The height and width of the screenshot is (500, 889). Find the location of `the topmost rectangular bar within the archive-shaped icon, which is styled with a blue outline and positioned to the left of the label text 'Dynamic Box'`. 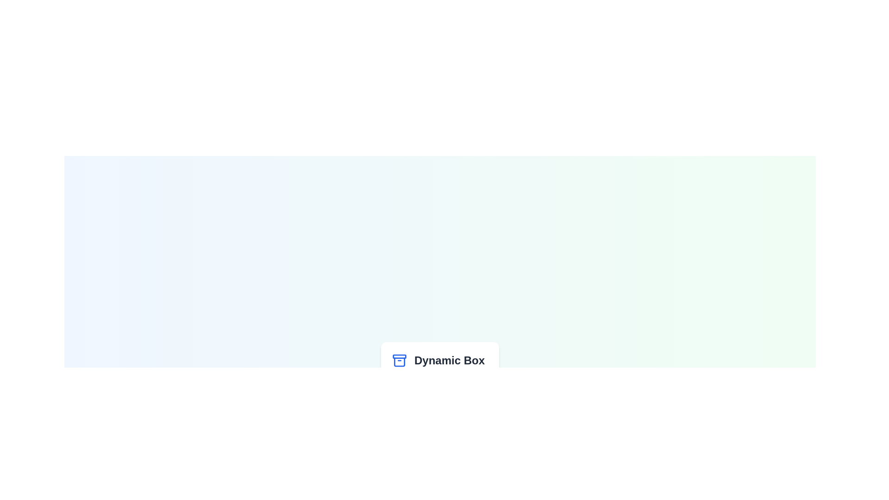

the topmost rectangular bar within the archive-shaped icon, which is styled with a blue outline and positioned to the left of the label text 'Dynamic Box' is located at coordinates (400, 356).